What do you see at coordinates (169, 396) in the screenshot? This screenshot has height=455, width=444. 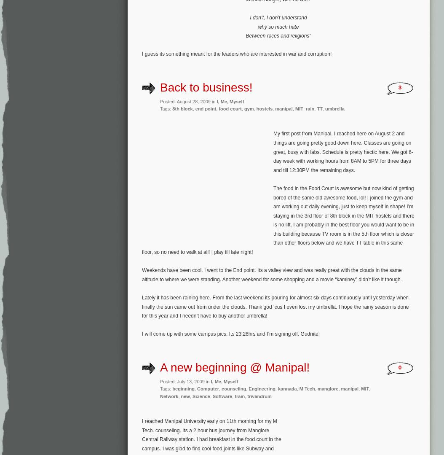 I see `'Network'` at bounding box center [169, 396].